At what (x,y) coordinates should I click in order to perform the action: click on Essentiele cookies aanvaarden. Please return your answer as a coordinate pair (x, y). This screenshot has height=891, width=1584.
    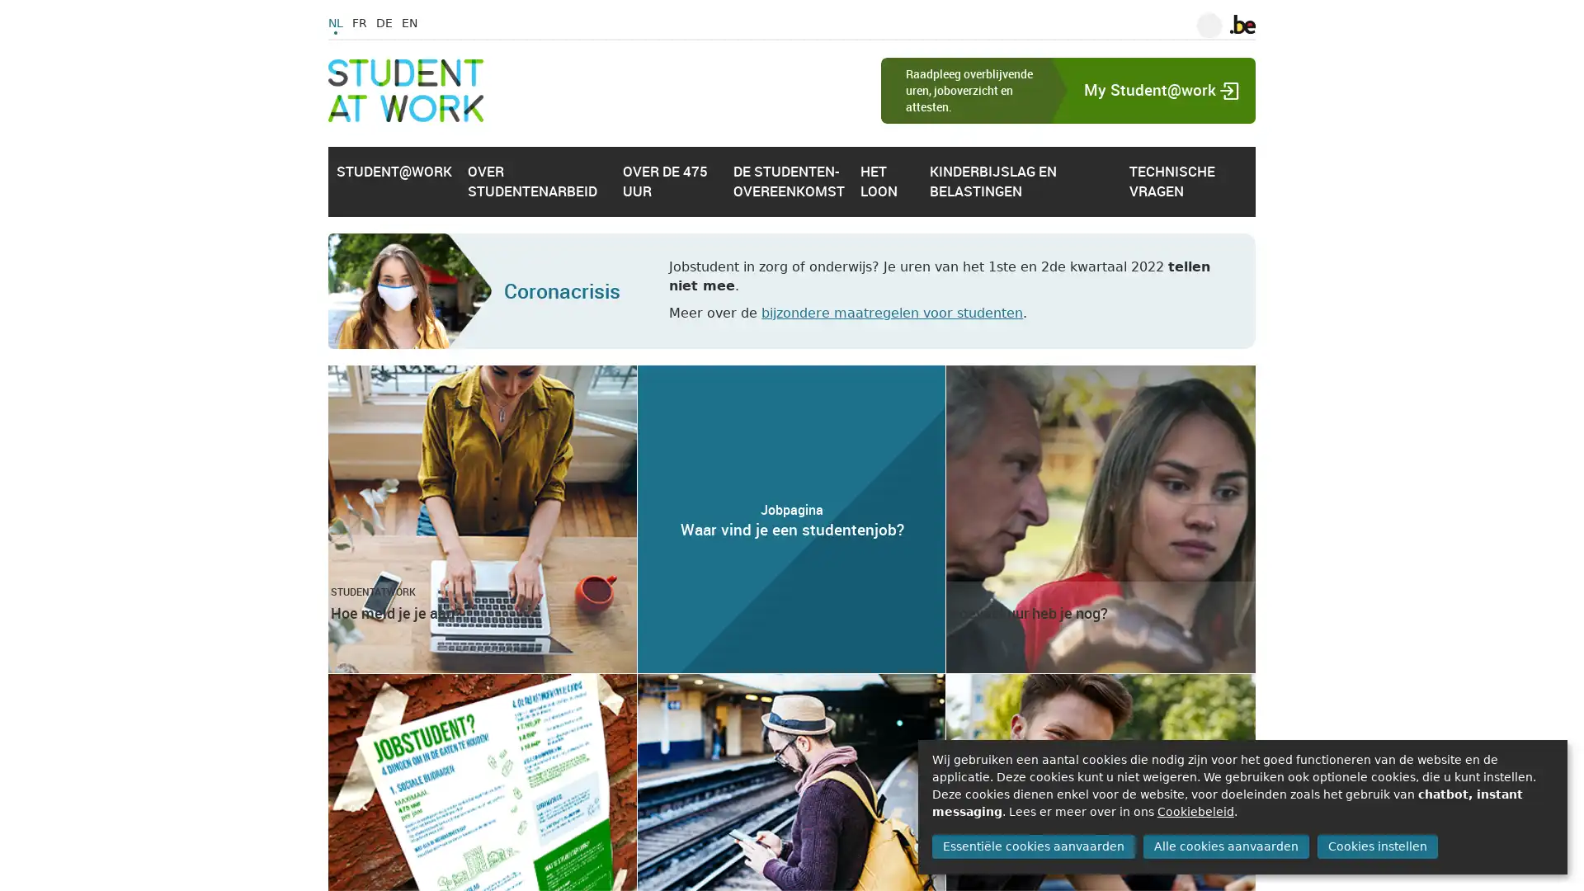
    Looking at the image, I should click on (1032, 846).